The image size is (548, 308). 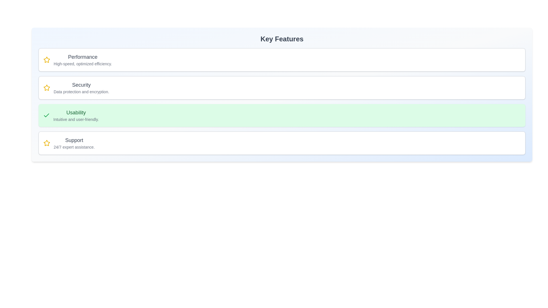 What do you see at coordinates (282, 60) in the screenshot?
I see `the card with Performance to observe visual changes` at bounding box center [282, 60].